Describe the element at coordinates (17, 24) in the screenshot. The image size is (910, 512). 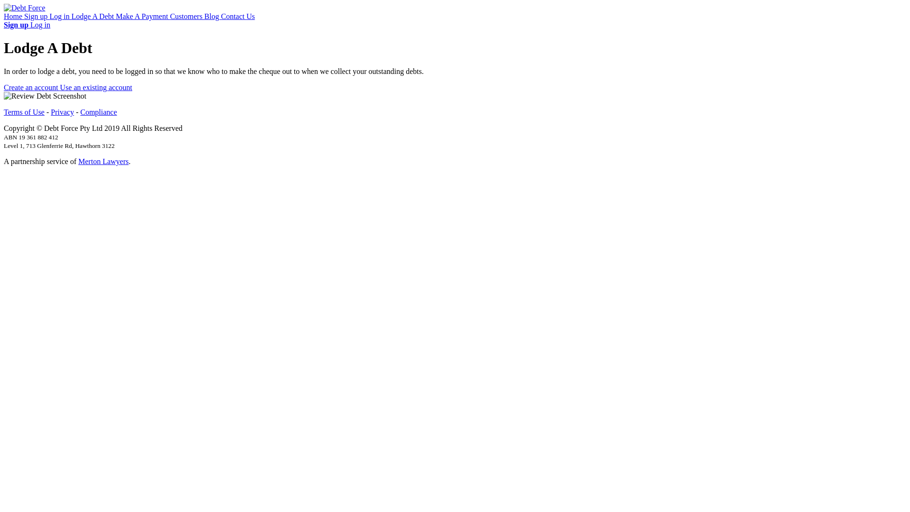
I see `'Sign up'` at that location.